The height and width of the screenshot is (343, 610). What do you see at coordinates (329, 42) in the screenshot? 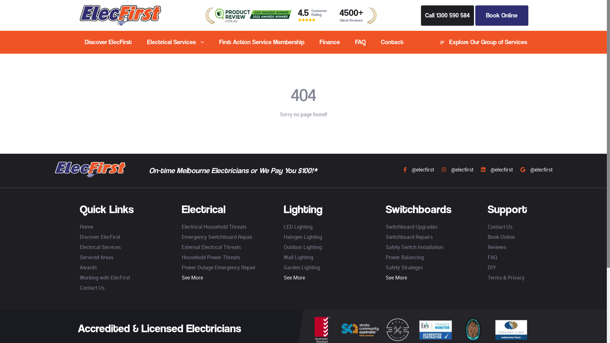
I see `'Finance'` at bounding box center [329, 42].